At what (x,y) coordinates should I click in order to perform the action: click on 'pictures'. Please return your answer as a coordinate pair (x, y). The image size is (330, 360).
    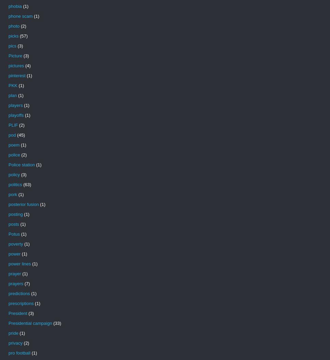
    Looking at the image, I should click on (8, 65).